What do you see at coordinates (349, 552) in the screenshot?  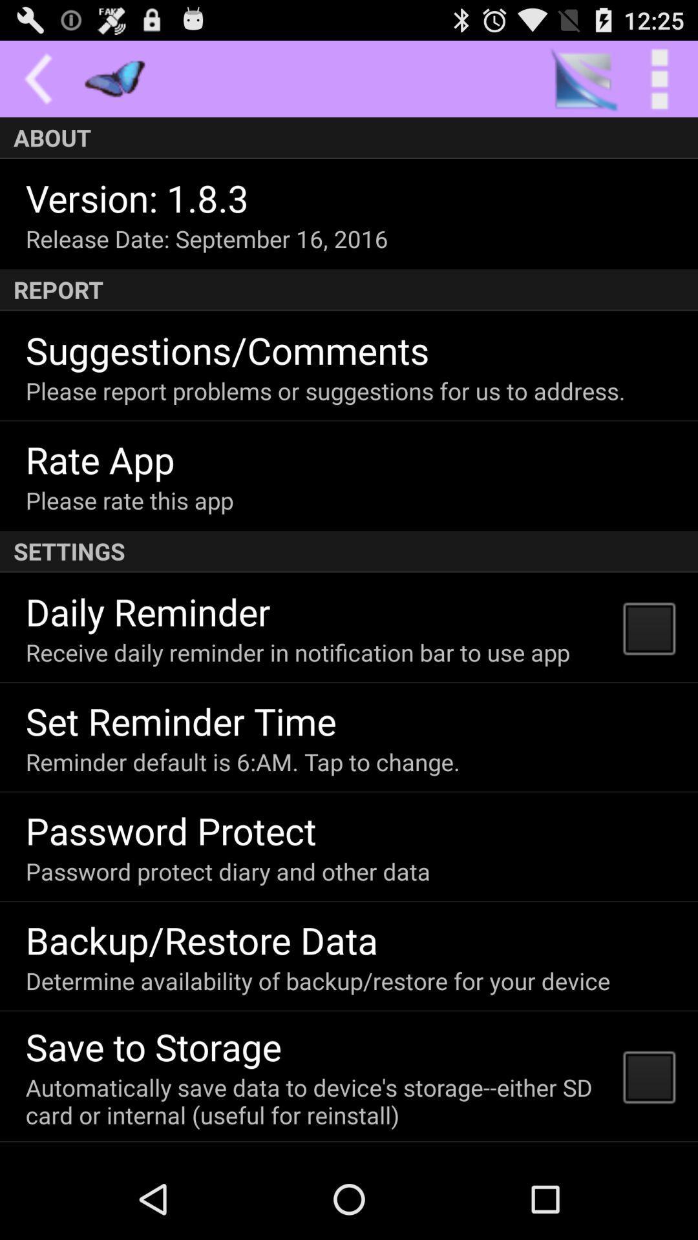 I see `the icon below please rate this app` at bounding box center [349, 552].